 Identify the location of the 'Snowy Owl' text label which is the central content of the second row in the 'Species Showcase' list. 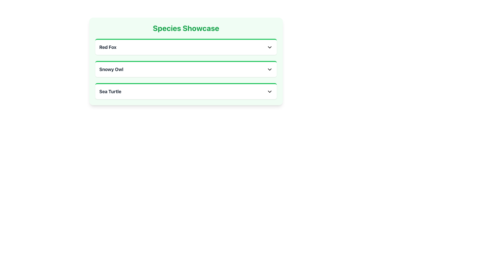
(111, 70).